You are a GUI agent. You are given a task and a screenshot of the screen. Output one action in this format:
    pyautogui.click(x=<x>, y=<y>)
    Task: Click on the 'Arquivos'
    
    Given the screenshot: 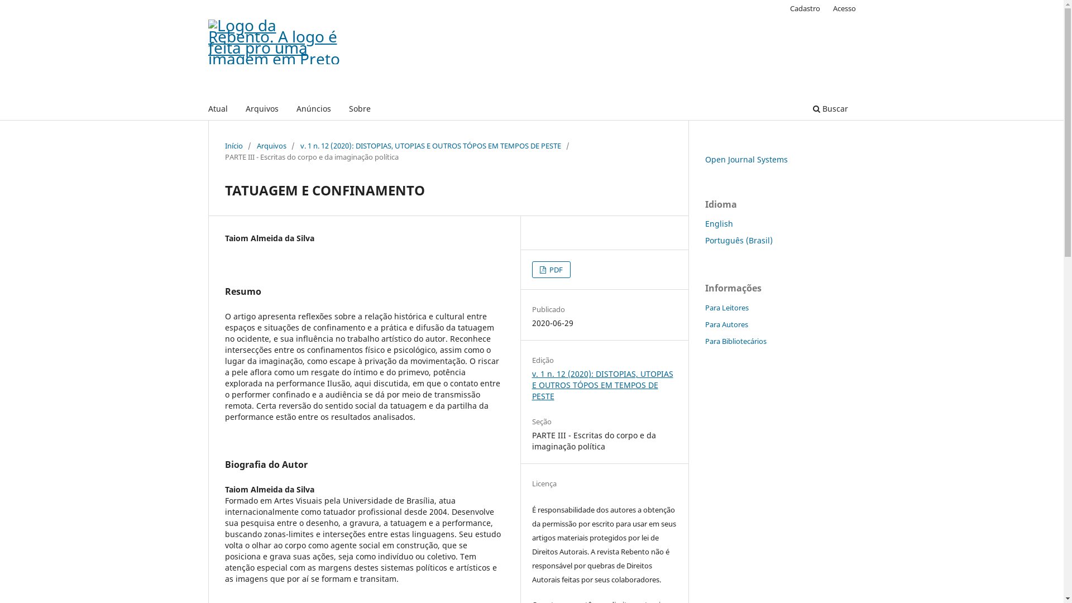 What is the action you would take?
    pyautogui.click(x=261, y=110)
    